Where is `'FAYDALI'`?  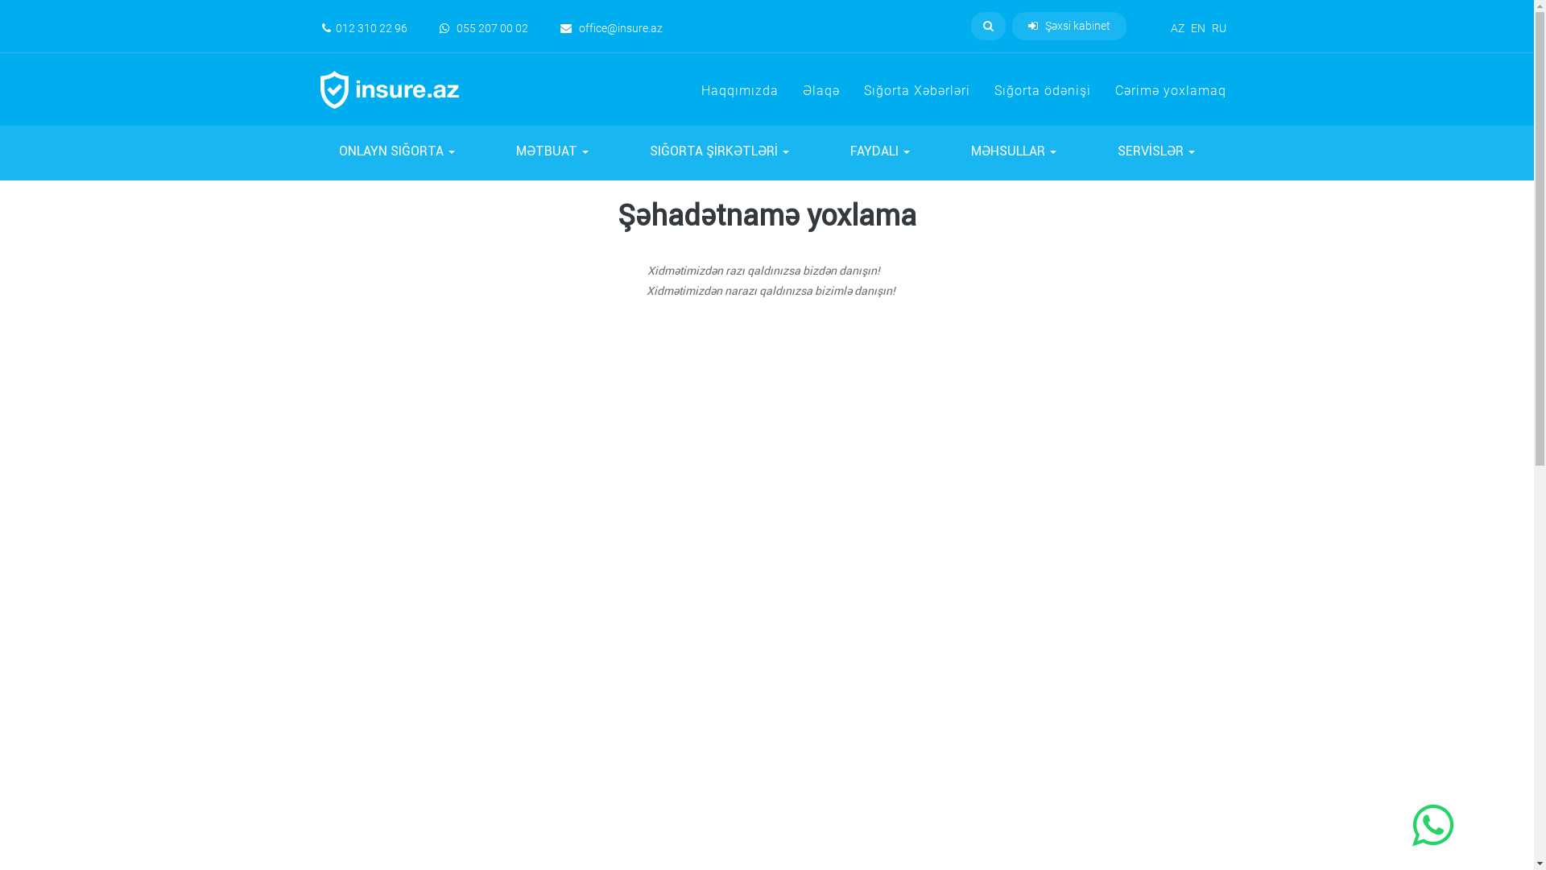
'FAYDALI' is located at coordinates (879, 154).